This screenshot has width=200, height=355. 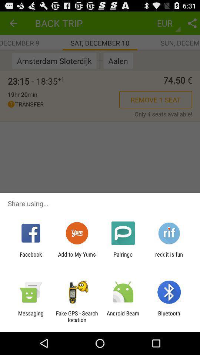 I want to click on app next to add to my app, so click(x=30, y=257).